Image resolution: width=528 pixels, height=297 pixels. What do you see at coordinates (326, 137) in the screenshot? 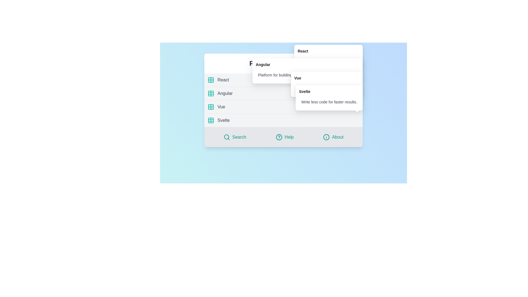
I see `the SVG circle element located at the bottom right corner of the interface, adjacent to the text 'About', which visually represents information as part of an icon` at bounding box center [326, 137].